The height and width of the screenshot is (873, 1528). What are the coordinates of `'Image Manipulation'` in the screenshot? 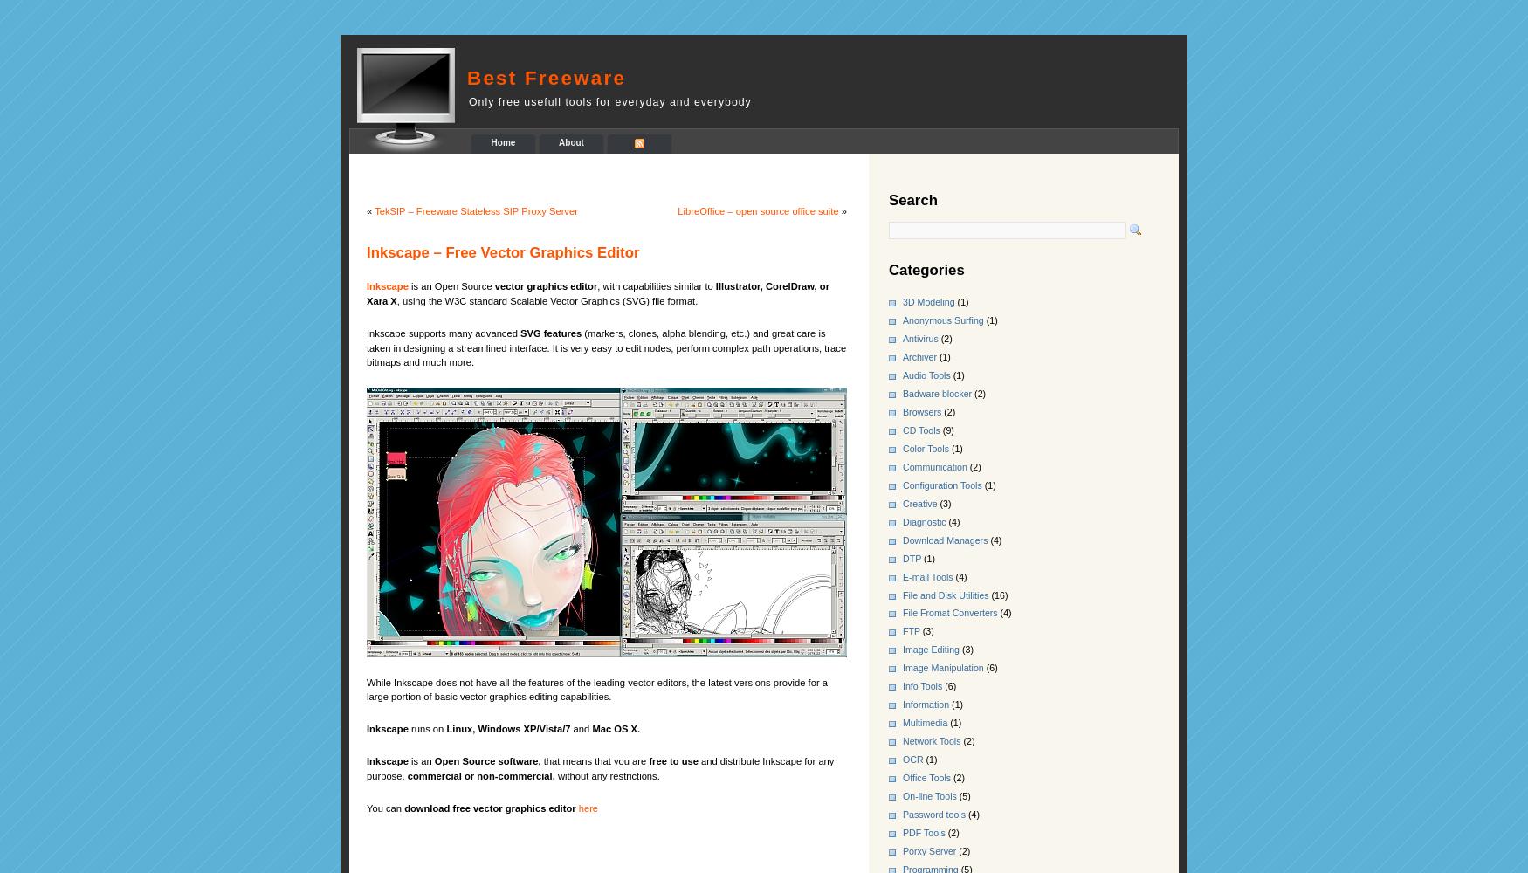 It's located at (942, 668).